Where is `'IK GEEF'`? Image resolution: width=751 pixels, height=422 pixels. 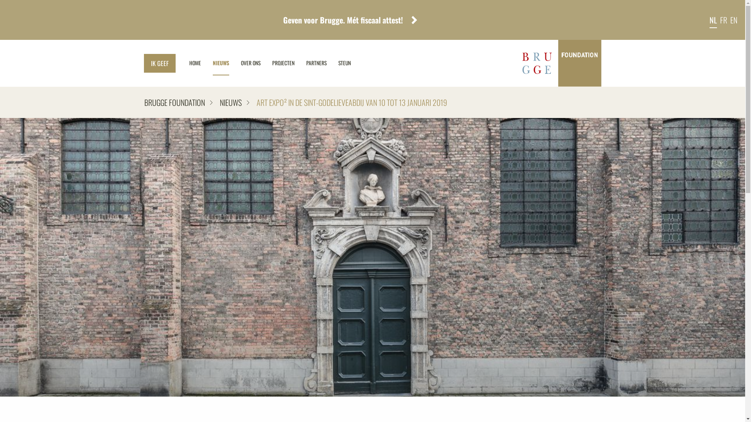
'IK GEEF' is located at coordinates (159, 63).